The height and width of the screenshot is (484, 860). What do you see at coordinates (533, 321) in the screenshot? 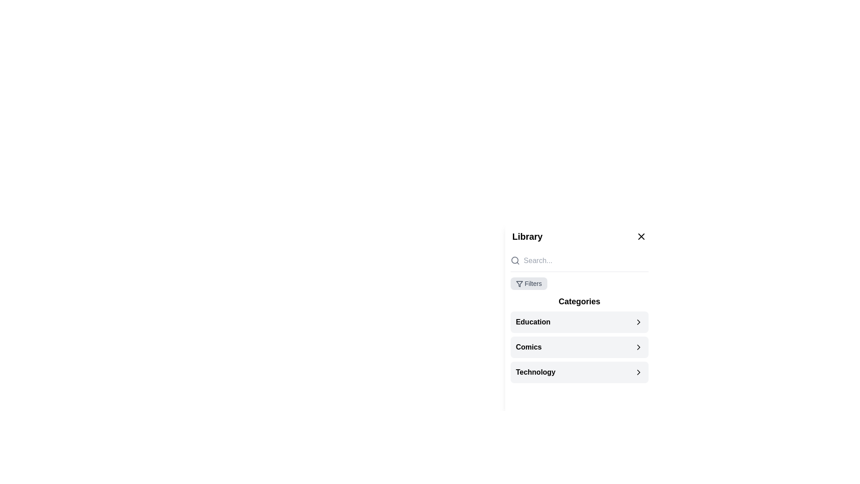
I see `the clickable category name 'Education', which is positioned at the beginning of the categories list, followed by a right arrow icon` at bounding box center [533, 321].